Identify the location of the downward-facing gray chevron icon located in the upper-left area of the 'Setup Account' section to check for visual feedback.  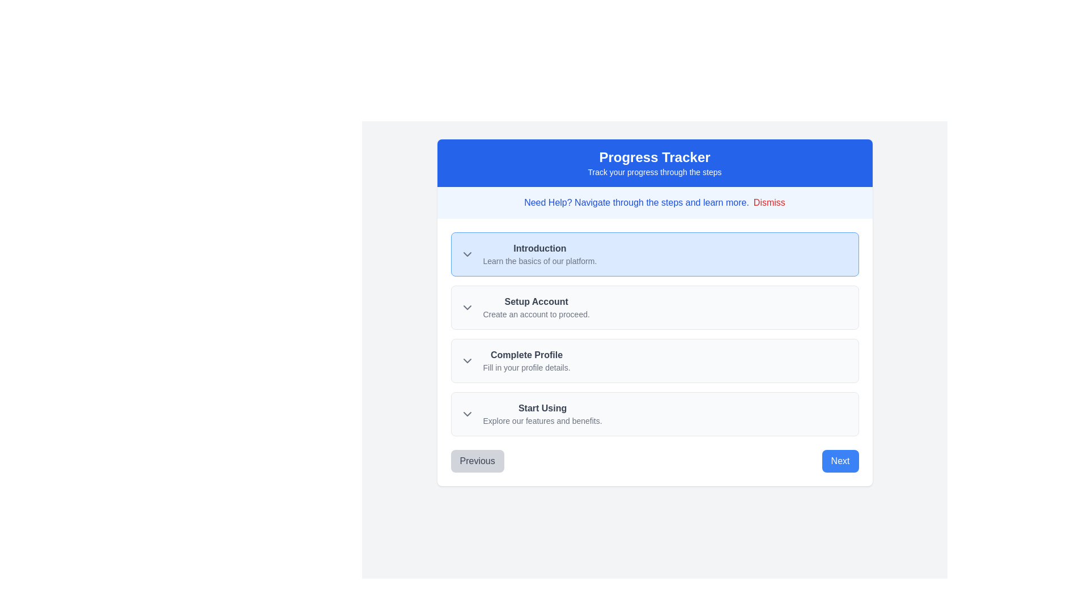
(467, 308).